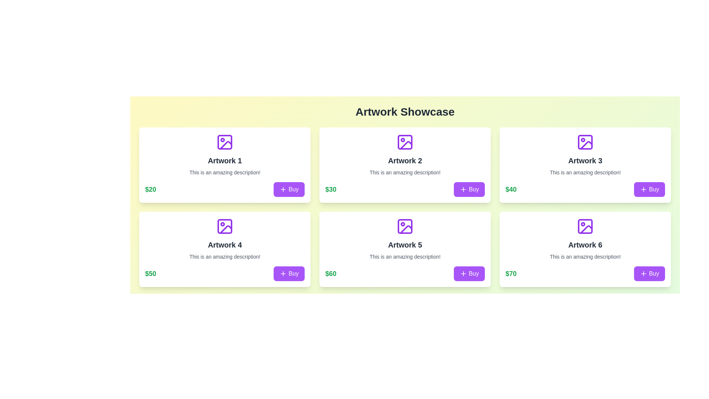  What do you see at coordinates (474, 189) in the screenshot?
I see `the 'Buy' button labeled 'Buy' with bold white text on a purple background` at bounding box center [474, 189].